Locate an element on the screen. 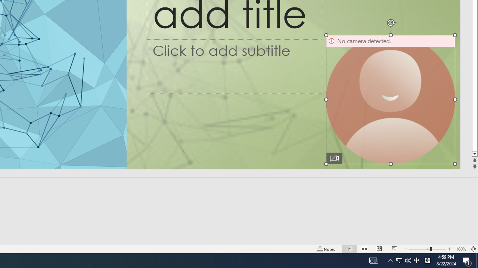 The width and height of the screenshot is (478, 268). 'Zoom 160%' is located at coordinates (460, 249).